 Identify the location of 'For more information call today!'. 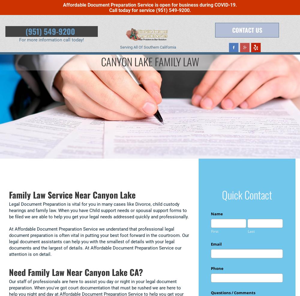
(51, 40).